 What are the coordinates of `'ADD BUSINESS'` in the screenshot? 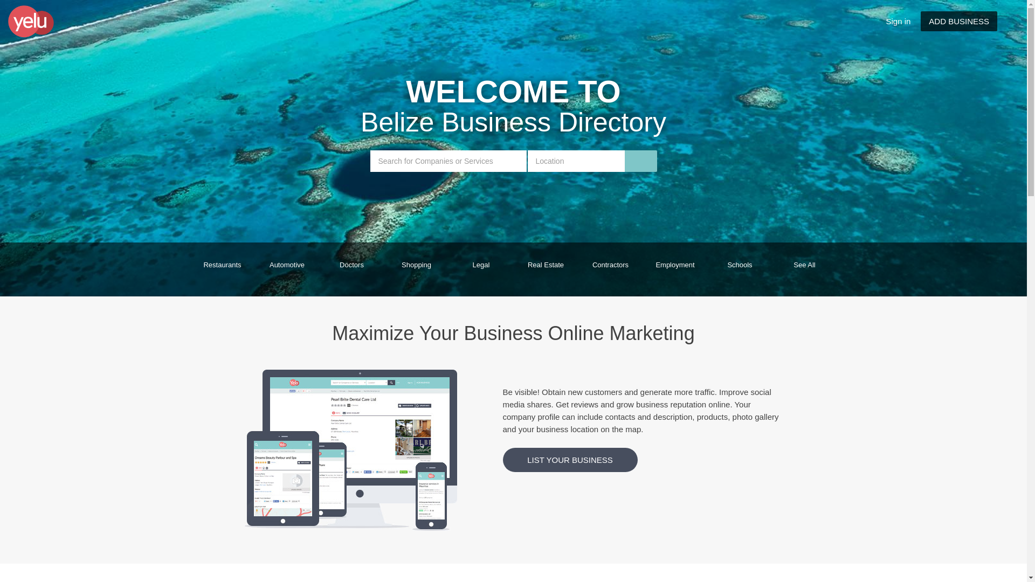 It's located at (959, 21).